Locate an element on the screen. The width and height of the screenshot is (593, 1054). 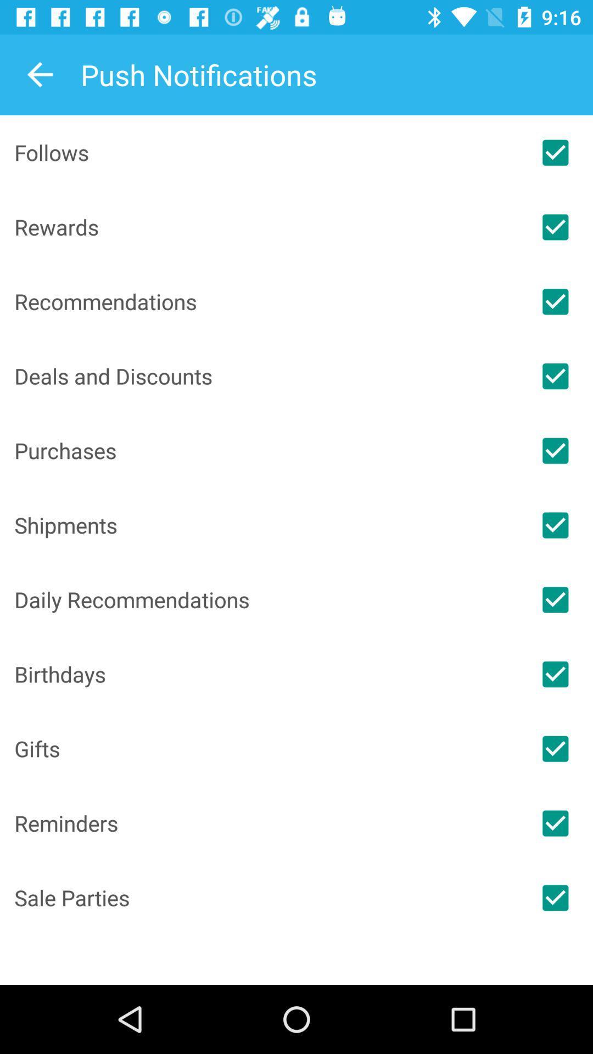
match deals or discounts in push notifications is located at coordinates (555, 376).